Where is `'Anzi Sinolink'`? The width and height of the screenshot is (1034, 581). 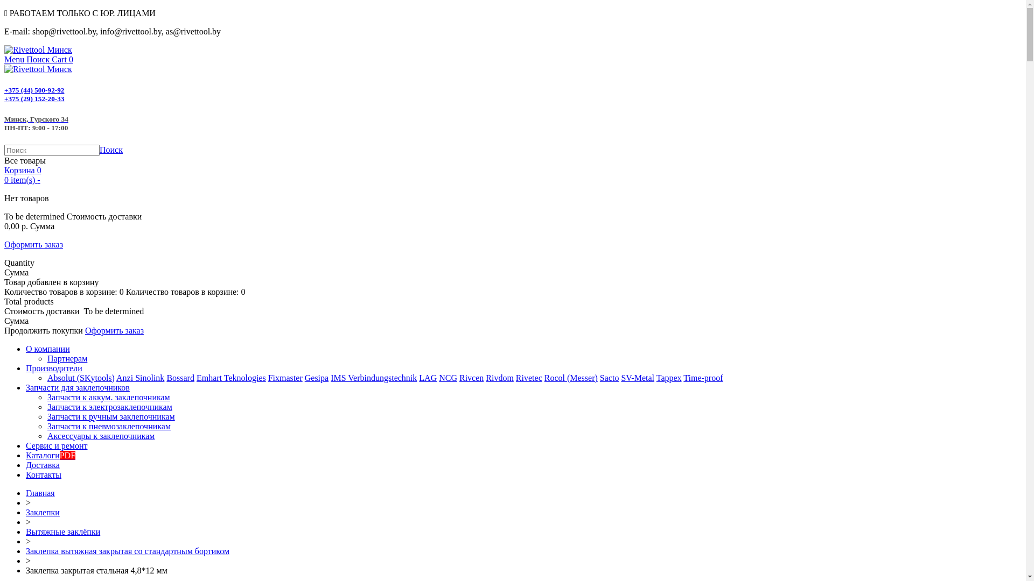
'Anzi Sinolink' is located at coordinates (139, 377).